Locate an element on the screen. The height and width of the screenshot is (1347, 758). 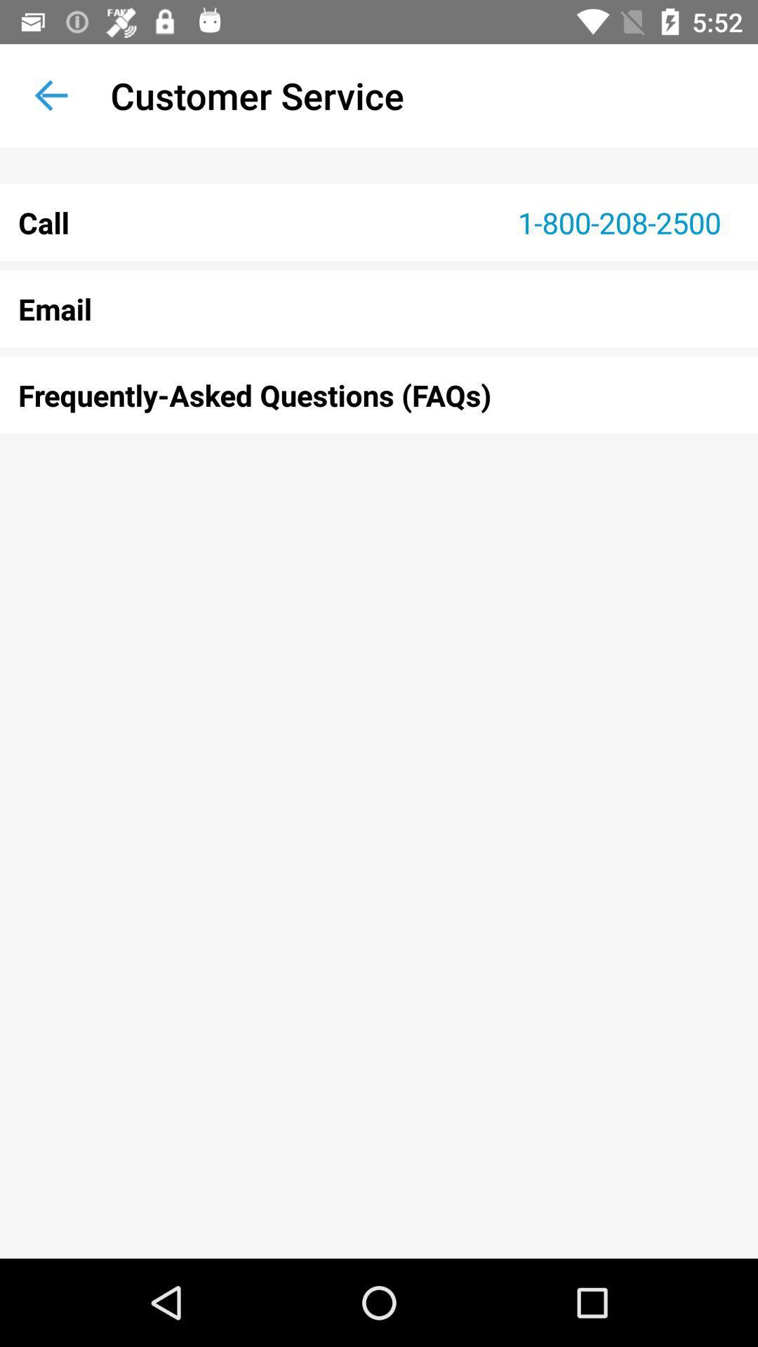
email is located at coordinates (379, 308).